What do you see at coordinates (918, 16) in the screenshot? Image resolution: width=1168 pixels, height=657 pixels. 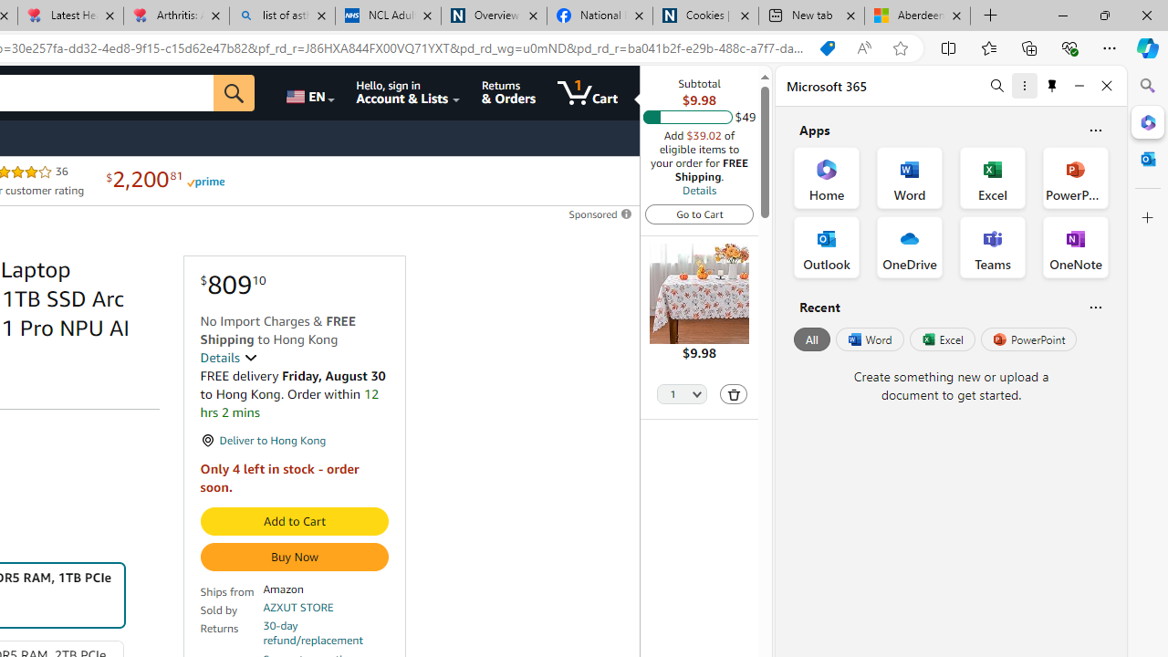 I see `'Aberdeen, Hong Kong SAR hourly forecast | Microsoft Weather'` at bounding box center [918, 16].